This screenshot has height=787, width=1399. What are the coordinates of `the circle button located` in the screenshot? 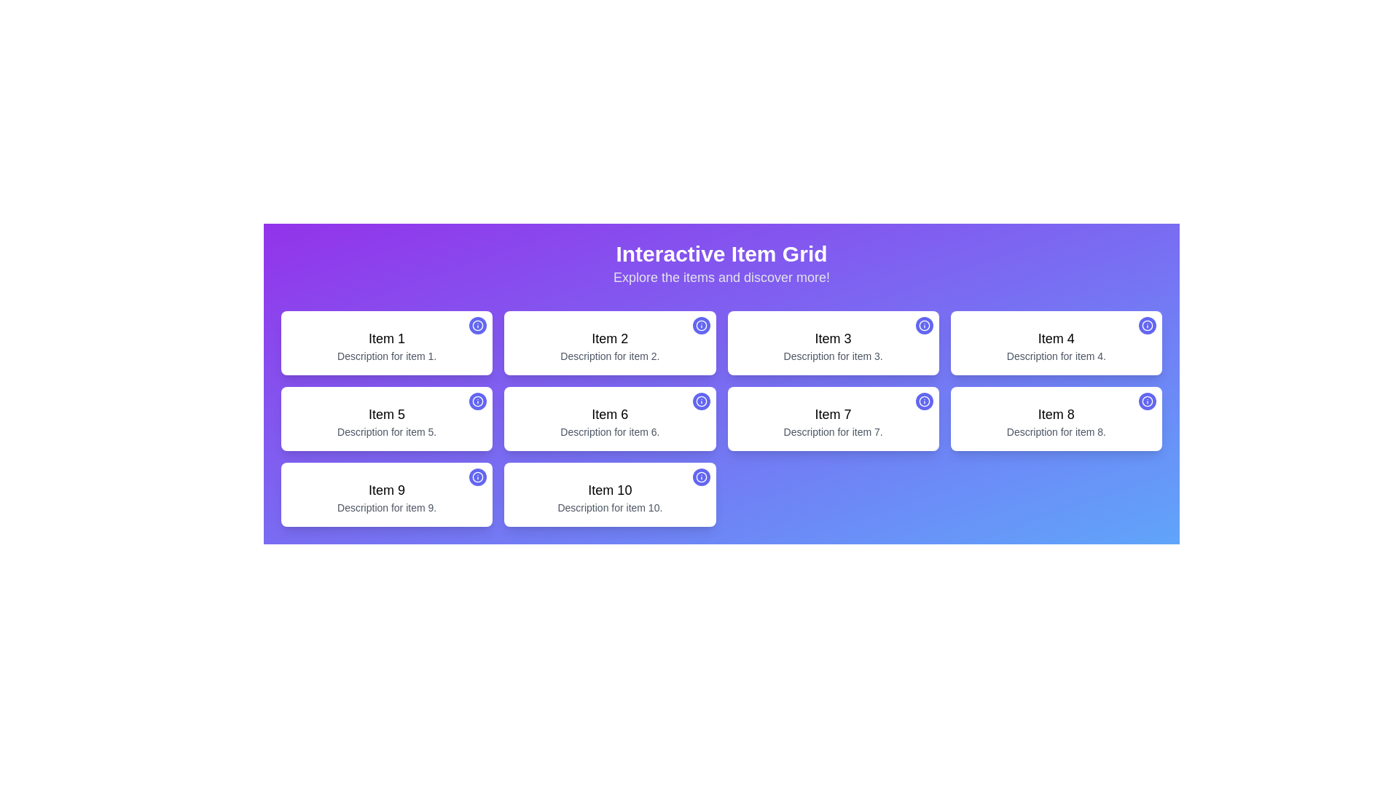 It's located at (478, 402).